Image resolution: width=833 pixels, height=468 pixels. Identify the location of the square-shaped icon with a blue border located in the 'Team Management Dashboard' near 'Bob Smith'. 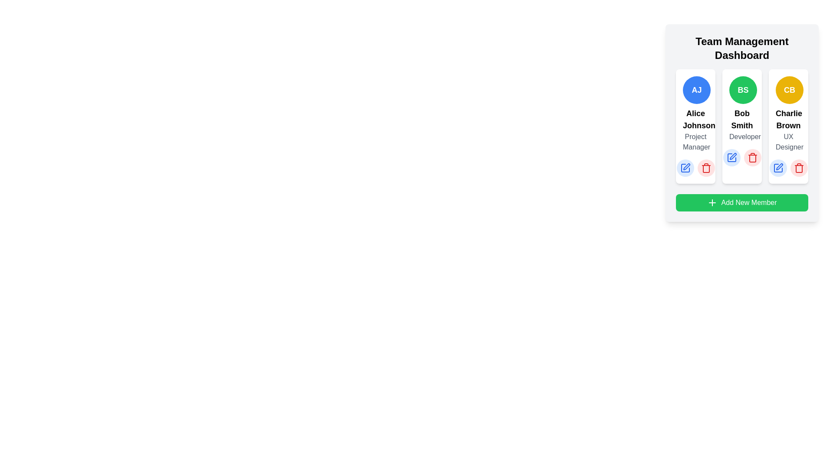
(731, 157).